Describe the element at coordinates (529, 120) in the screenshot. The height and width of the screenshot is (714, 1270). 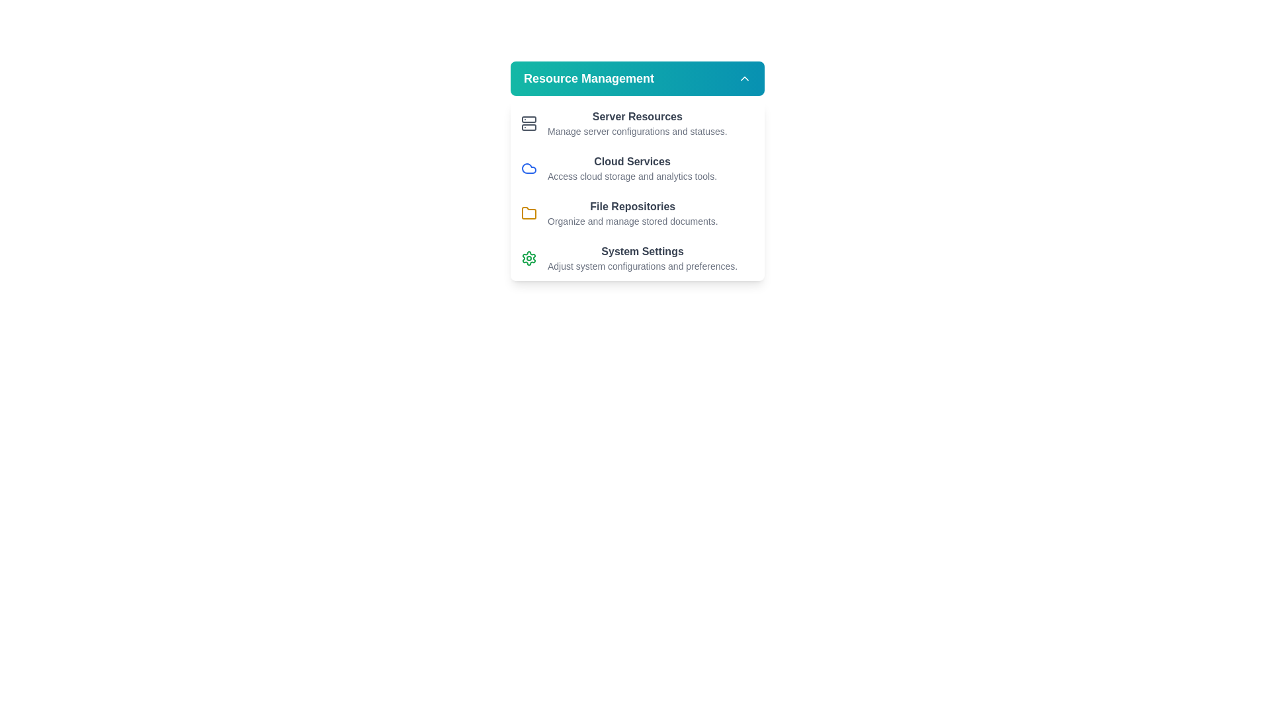
I see `the top rectangle with rounded corners, outlined in gray, located to the left of the 'Server Resources' text within the server-like icon` at that location.